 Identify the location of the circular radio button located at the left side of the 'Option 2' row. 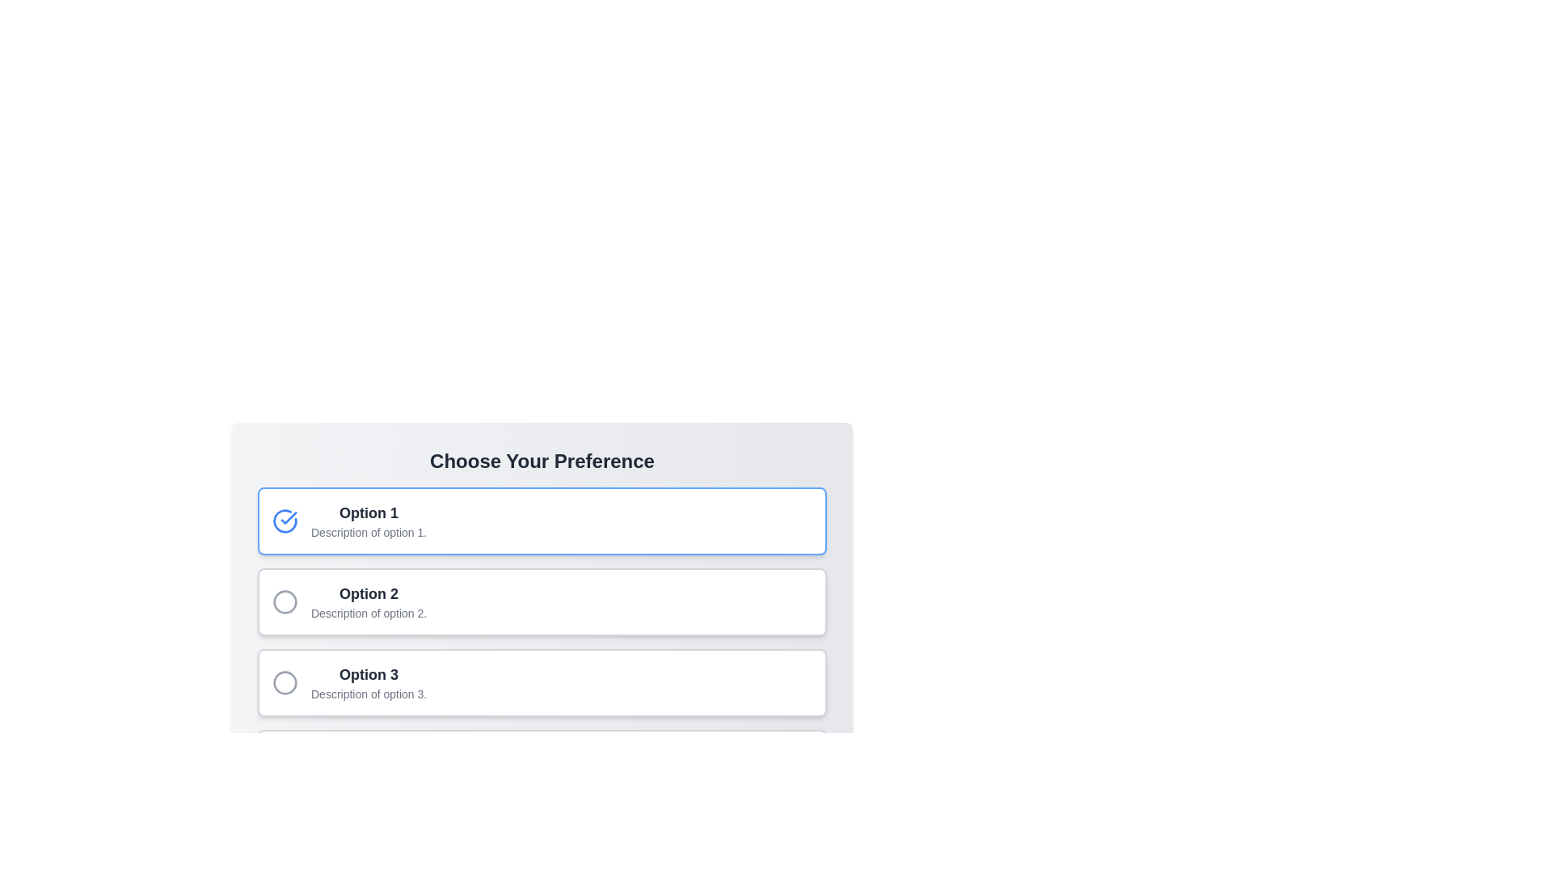
(285, 601).